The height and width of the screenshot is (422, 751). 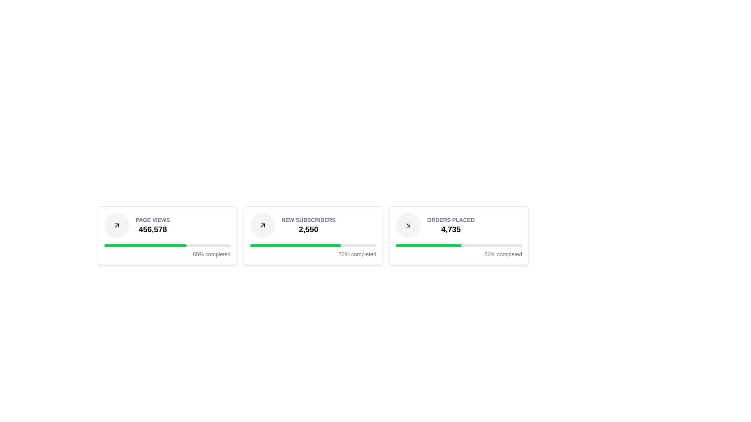 I want to click on the Text label that indicates 'New Subscribers', located above the numerical value '2,550' within the central card of three horizontally aligned cards, so click(x=308, y=220).